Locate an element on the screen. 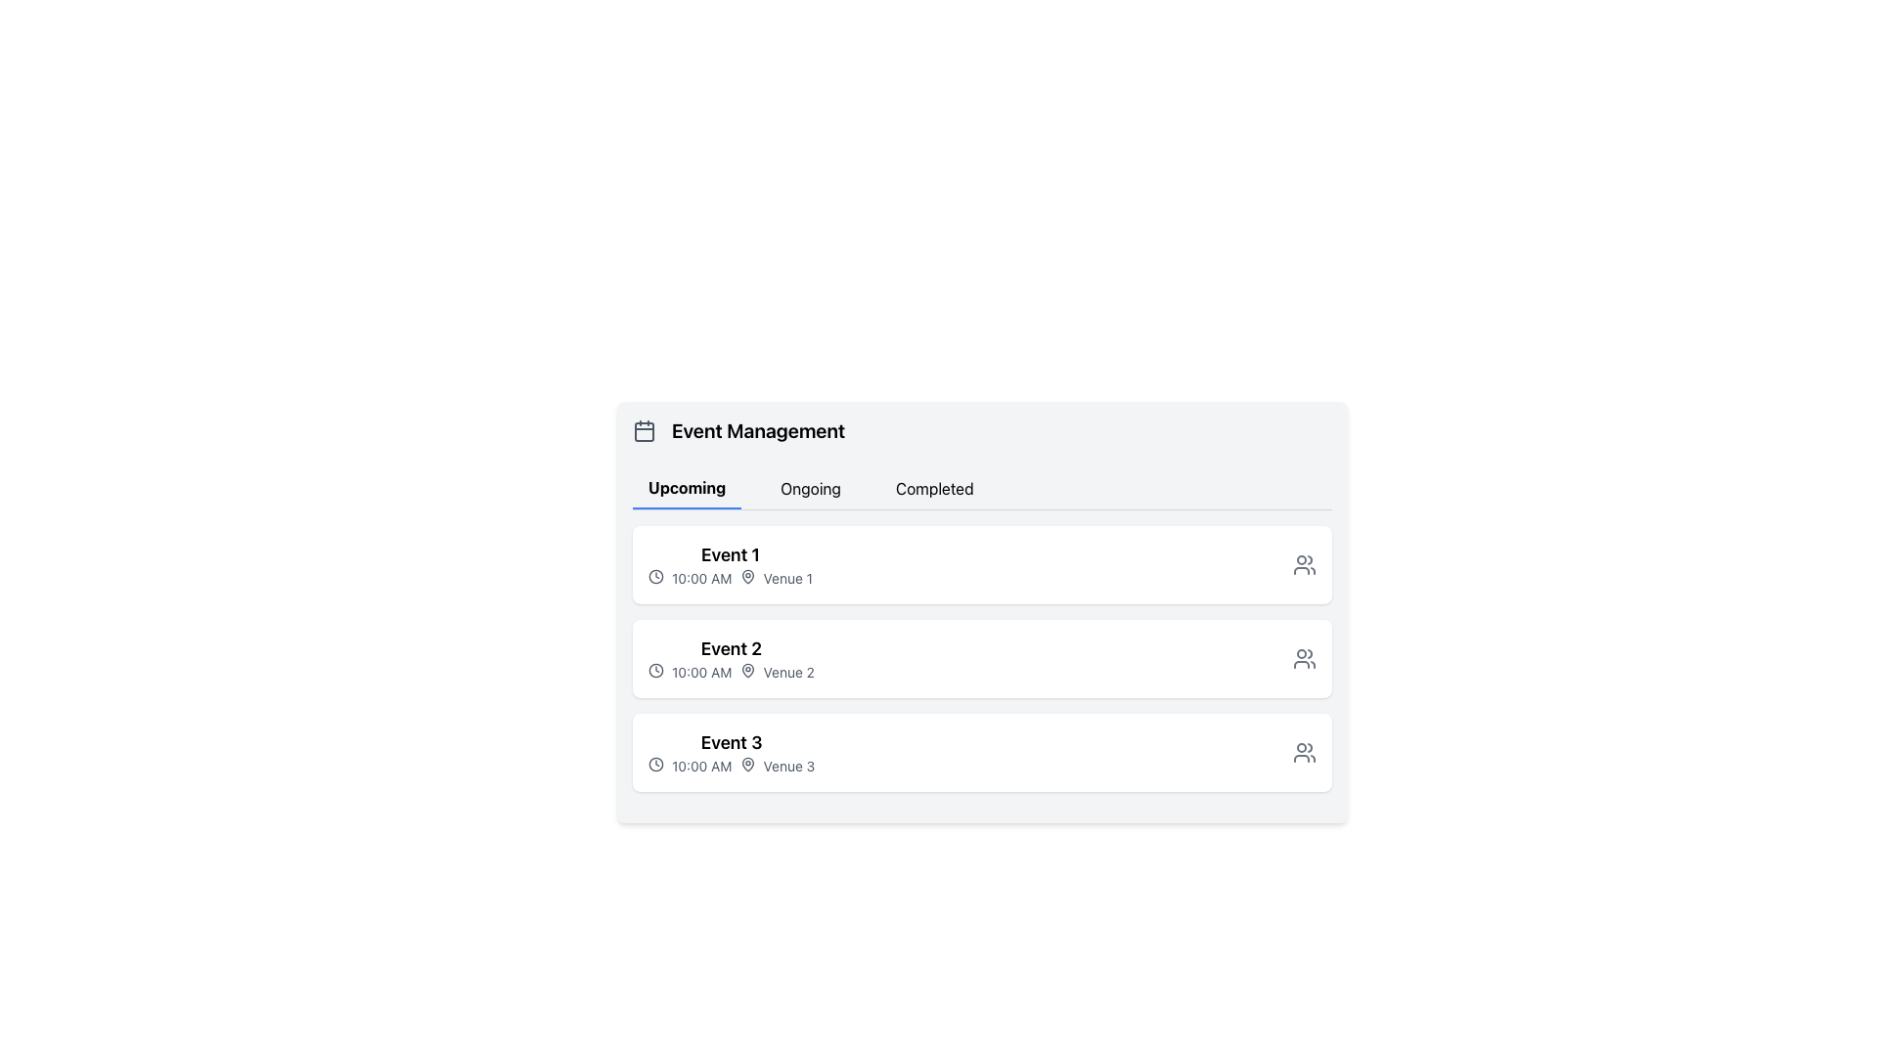 This screenshot has height=1056, width=1878. the List Item displaying 'Event 2' is located at coordinates (982, 659).